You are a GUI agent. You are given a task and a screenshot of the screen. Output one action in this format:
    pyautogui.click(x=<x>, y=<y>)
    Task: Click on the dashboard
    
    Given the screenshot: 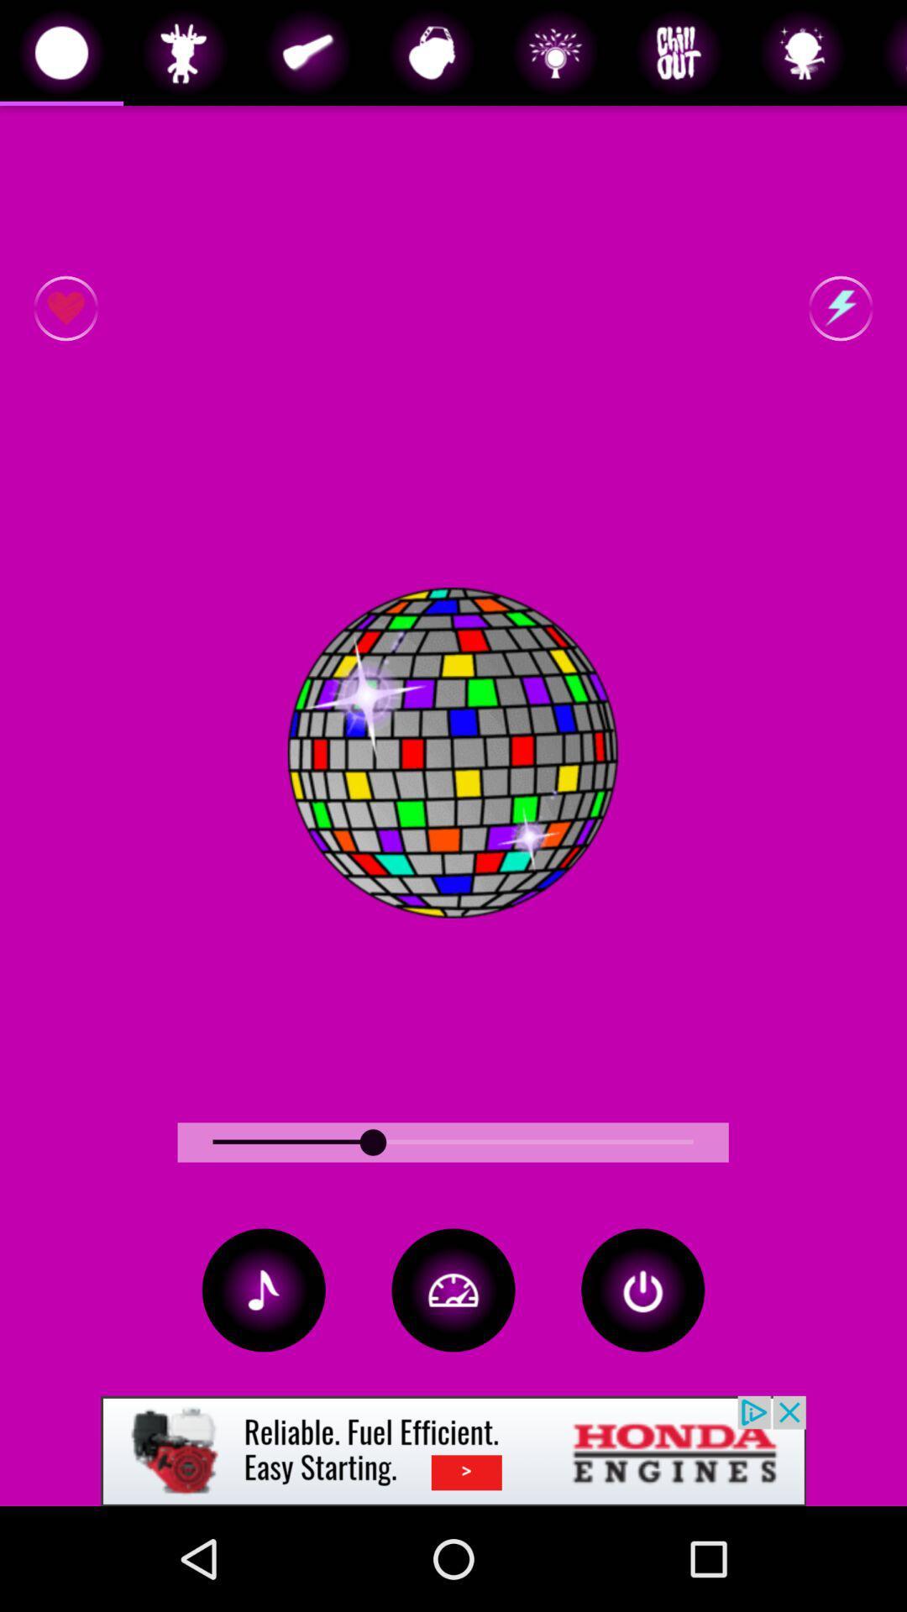 What is the action you would take?
    pyautogui.click(x=453, y=1289)
    